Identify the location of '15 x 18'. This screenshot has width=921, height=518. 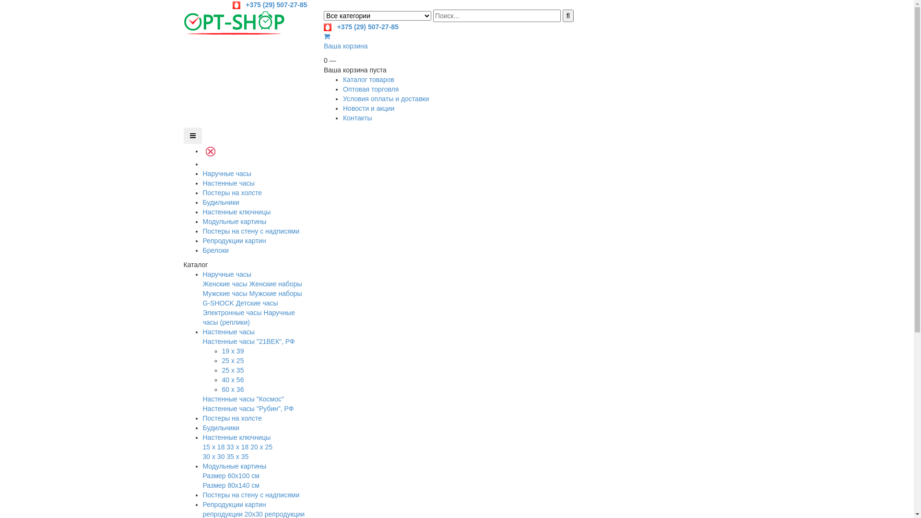
(202, 447).